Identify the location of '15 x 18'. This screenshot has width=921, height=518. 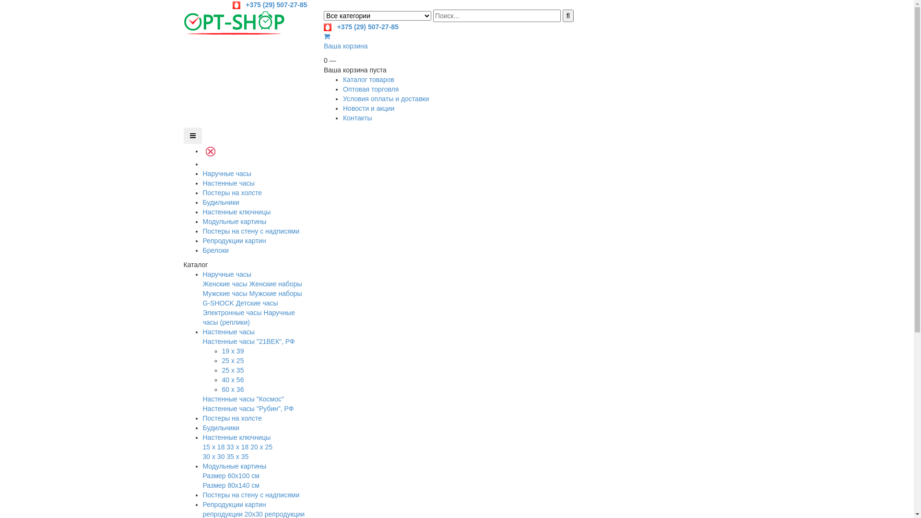
(202, 447).